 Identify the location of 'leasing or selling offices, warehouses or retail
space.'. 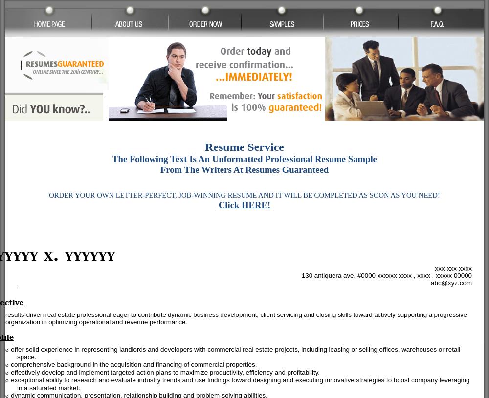
(238, 353).